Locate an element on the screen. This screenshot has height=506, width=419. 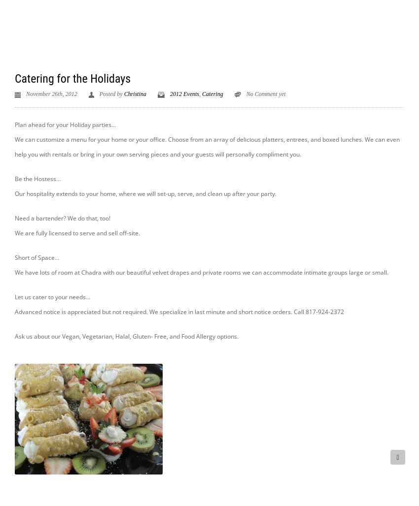
'November 26th, 2012' is located at coordinates (51, 94).